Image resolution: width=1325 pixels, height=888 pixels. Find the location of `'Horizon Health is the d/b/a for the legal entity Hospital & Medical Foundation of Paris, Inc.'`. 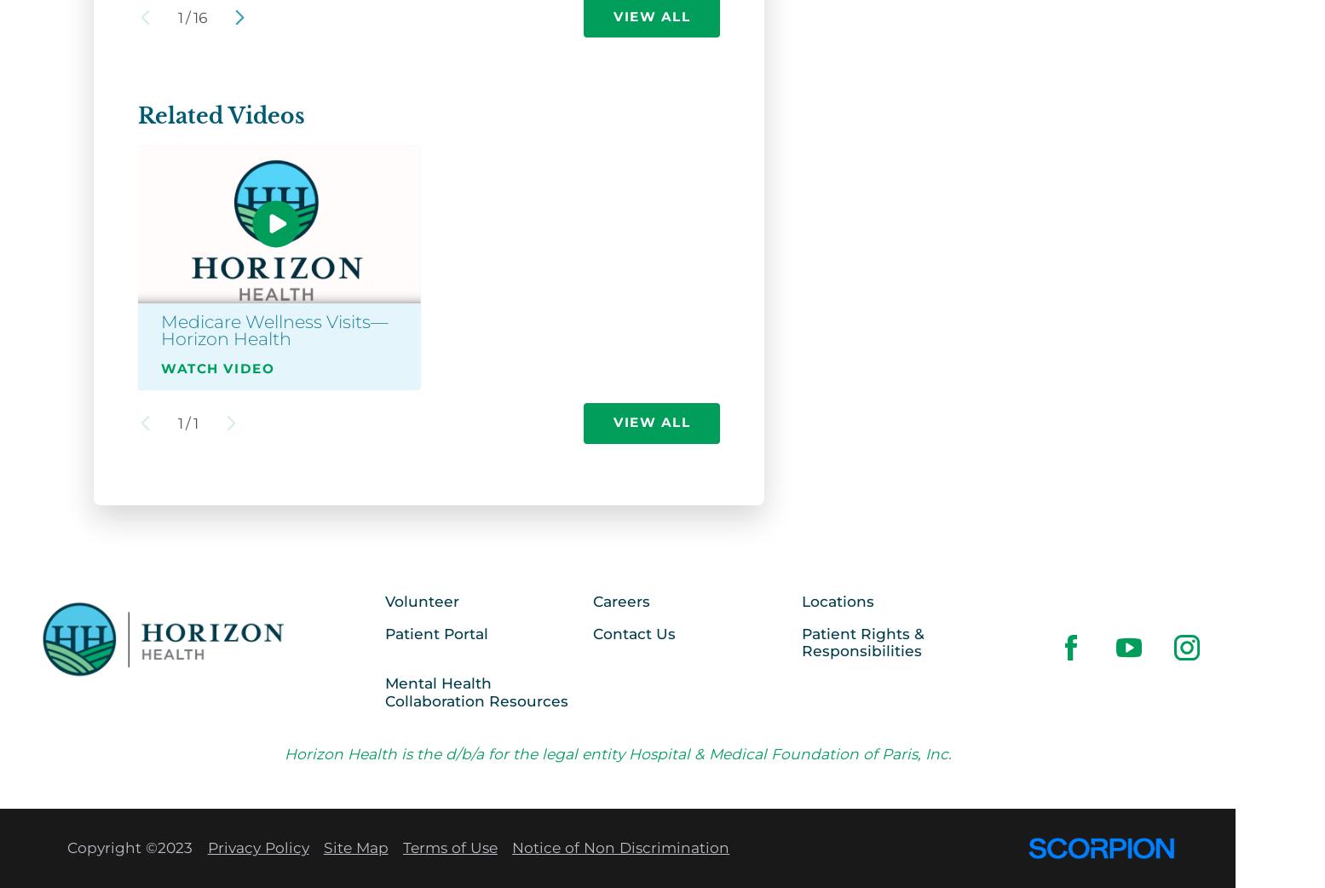

'Horizon Health is the d/b/a for the legal entity Hospital & Medical Foundation of Paris, Inc.' is located at coordinates (617, 752).